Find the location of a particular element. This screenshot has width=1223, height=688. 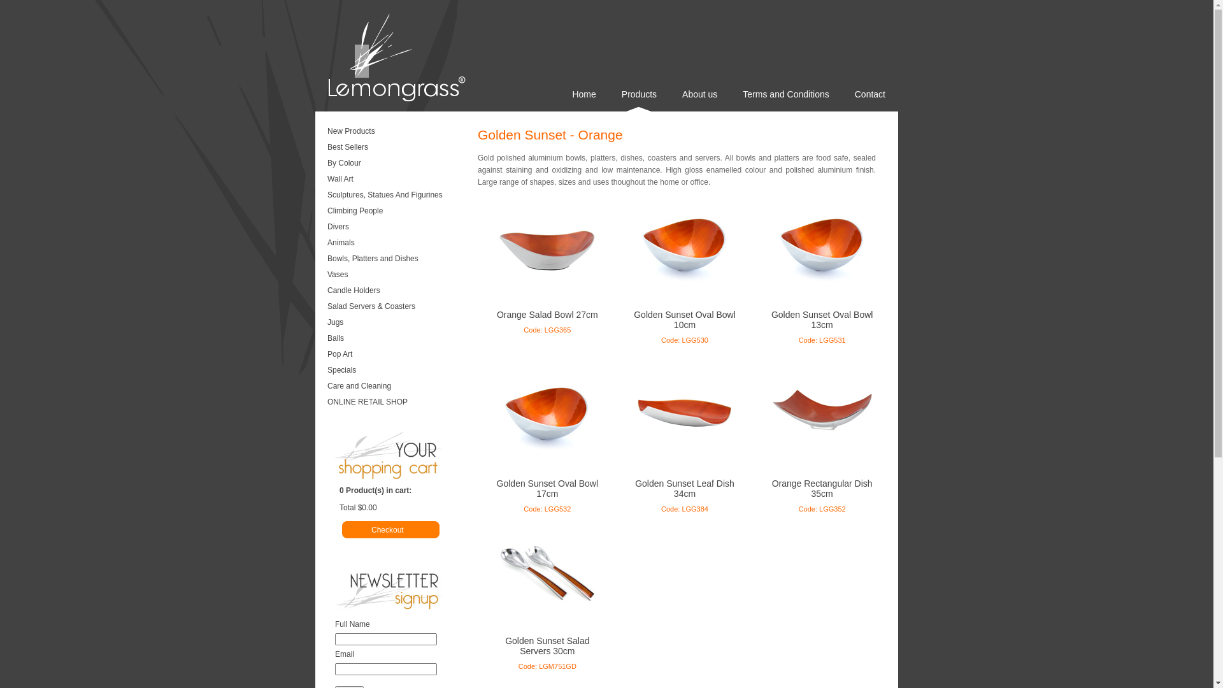

'Divers' is located at coordinates (394, 227).